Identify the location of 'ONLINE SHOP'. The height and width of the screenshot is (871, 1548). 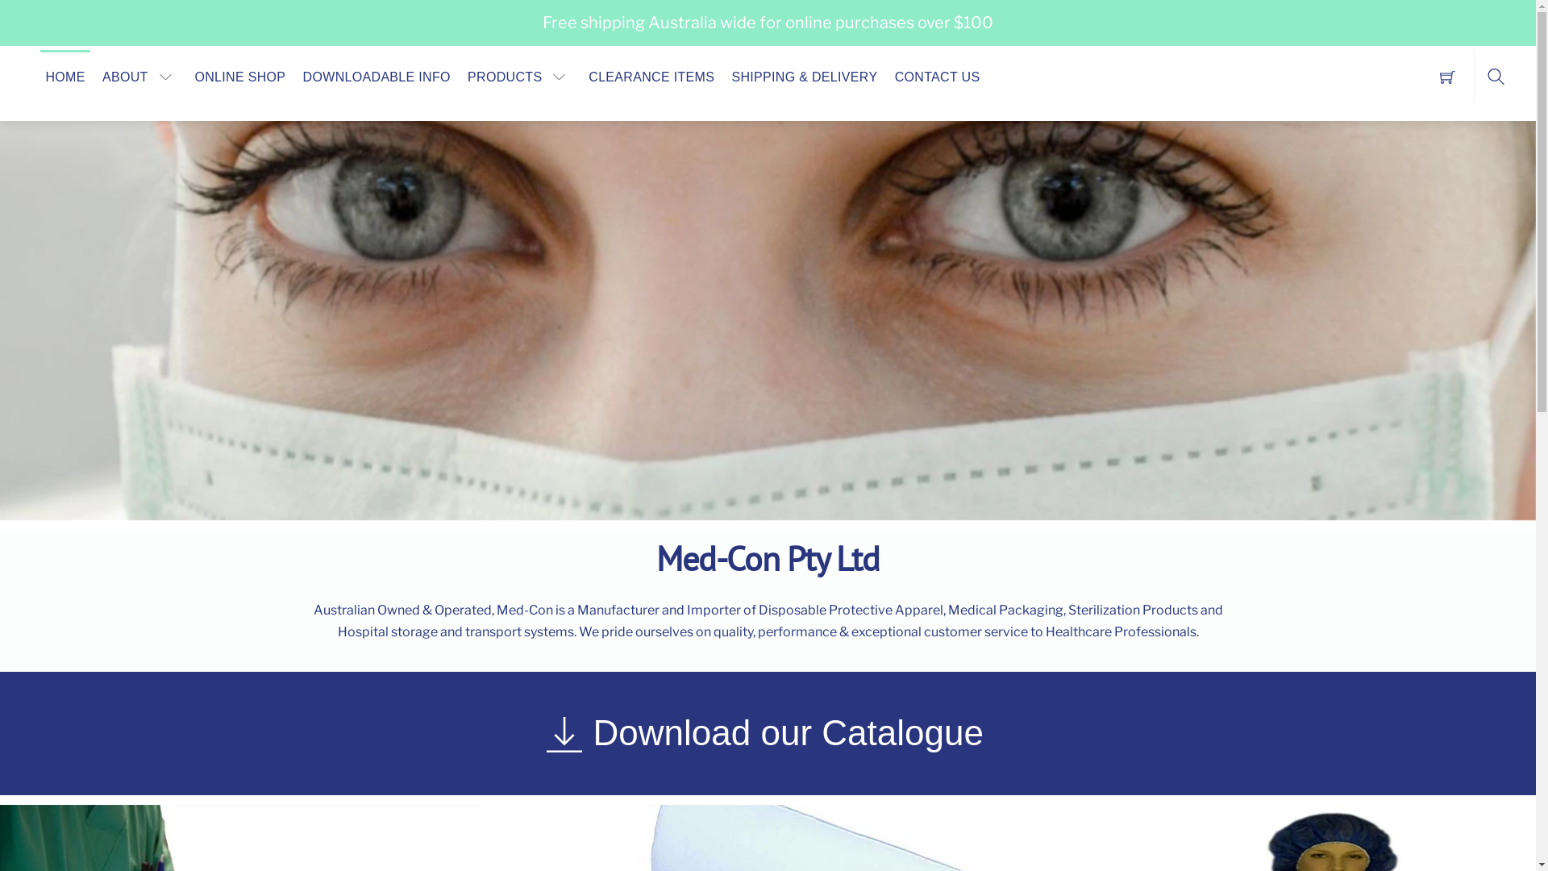
(239, 77).